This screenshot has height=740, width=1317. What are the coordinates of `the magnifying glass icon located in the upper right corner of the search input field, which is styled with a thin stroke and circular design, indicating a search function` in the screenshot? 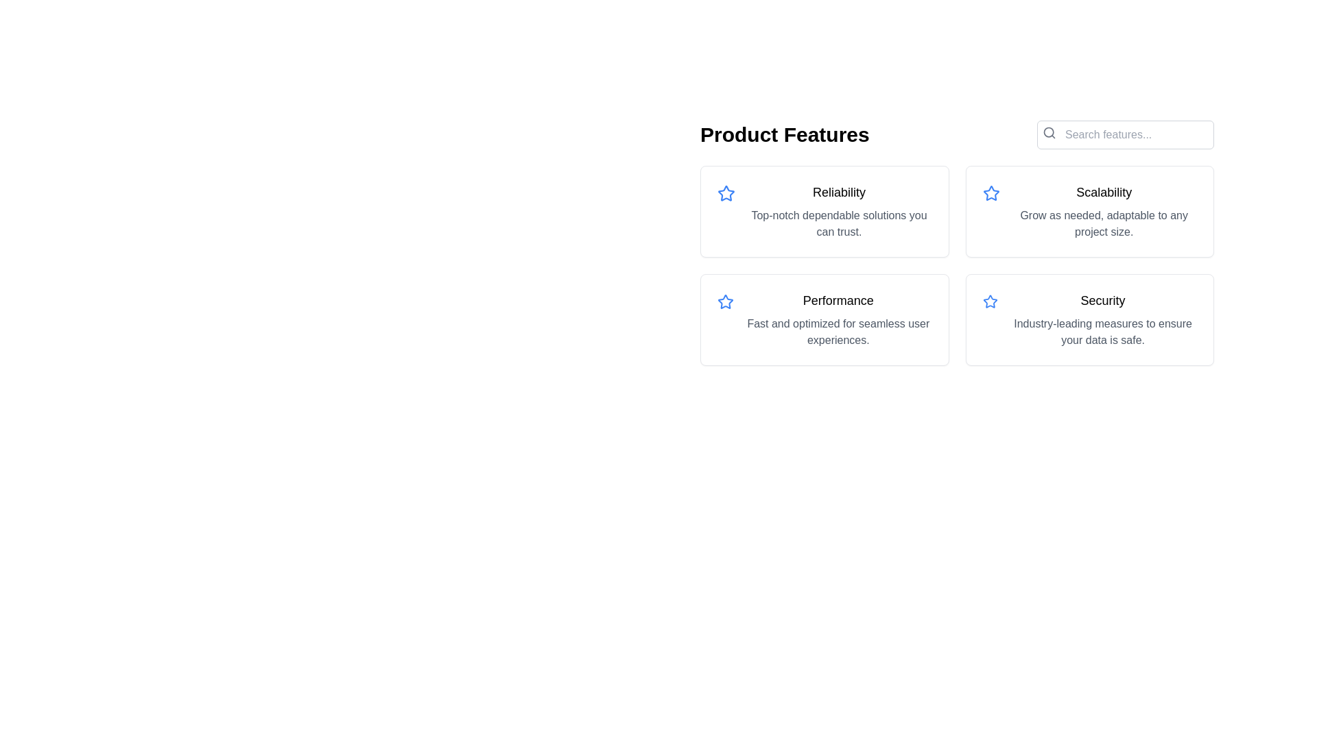 It's located at (1049, 132).